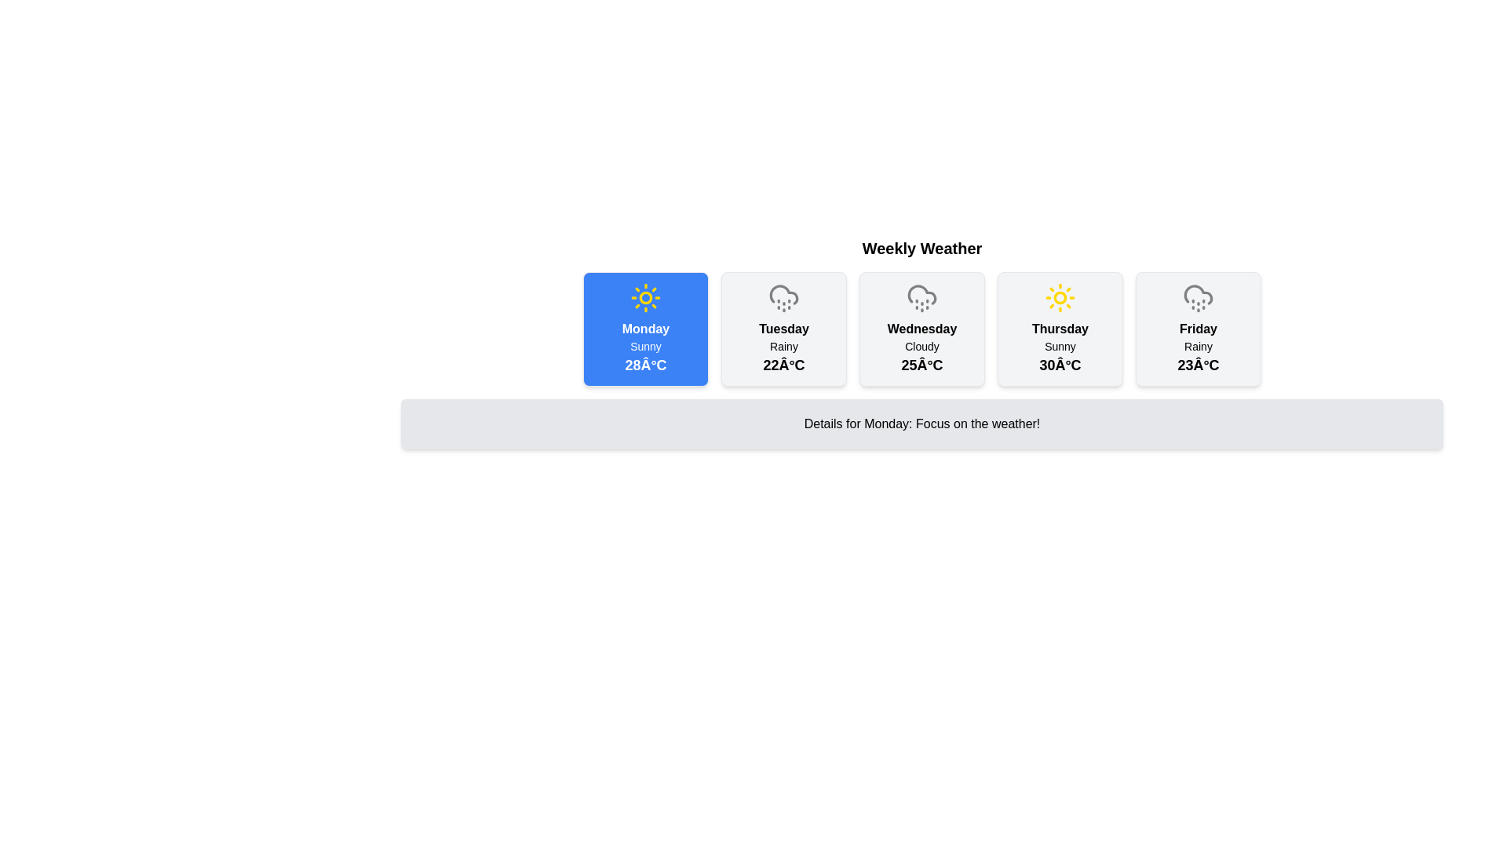  Describe the element at coordinates (645, 298) in the screenshot. I see `the sunny weather icon located at the top of the 'Monday' weather forecast card, which indicates a sunny day with a temperature of 28°C` at that location.